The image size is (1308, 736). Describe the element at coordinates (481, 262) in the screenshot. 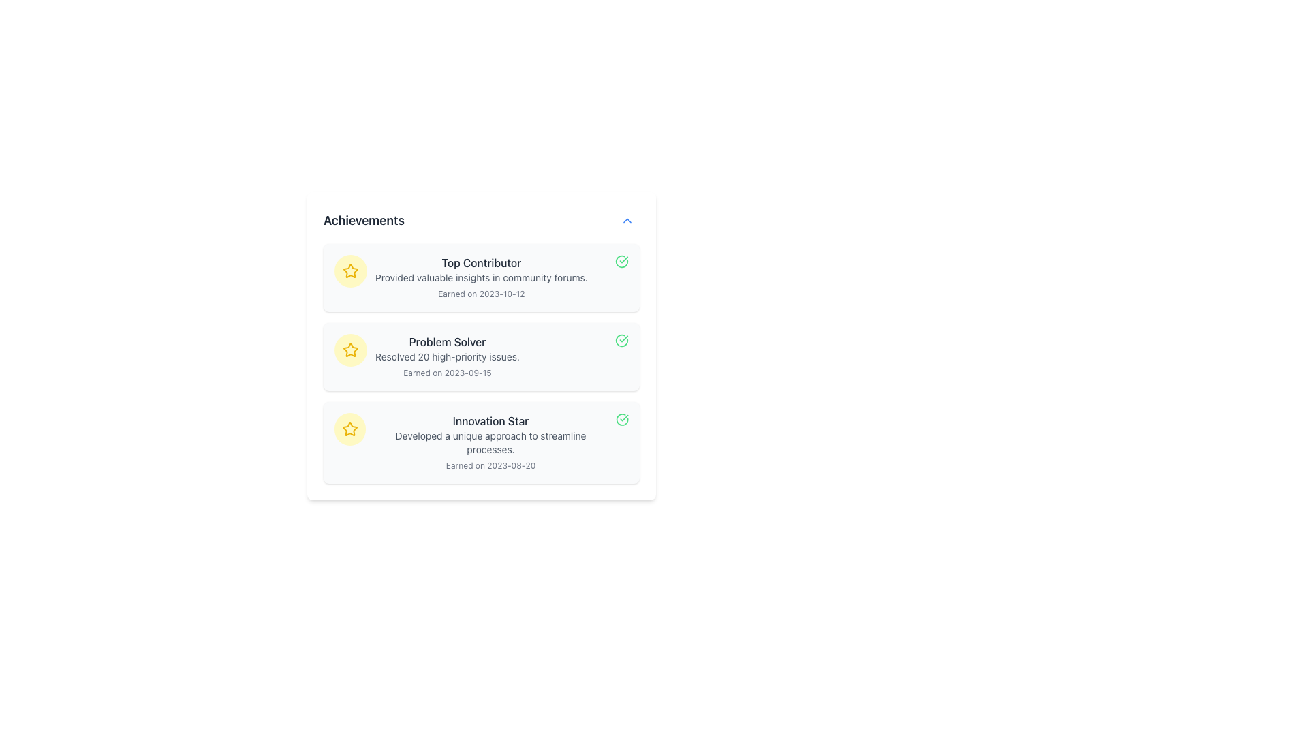

I see `text of the 'Top Contributor' label, which serves as a title for the achievement in the Achievements section` at that location.